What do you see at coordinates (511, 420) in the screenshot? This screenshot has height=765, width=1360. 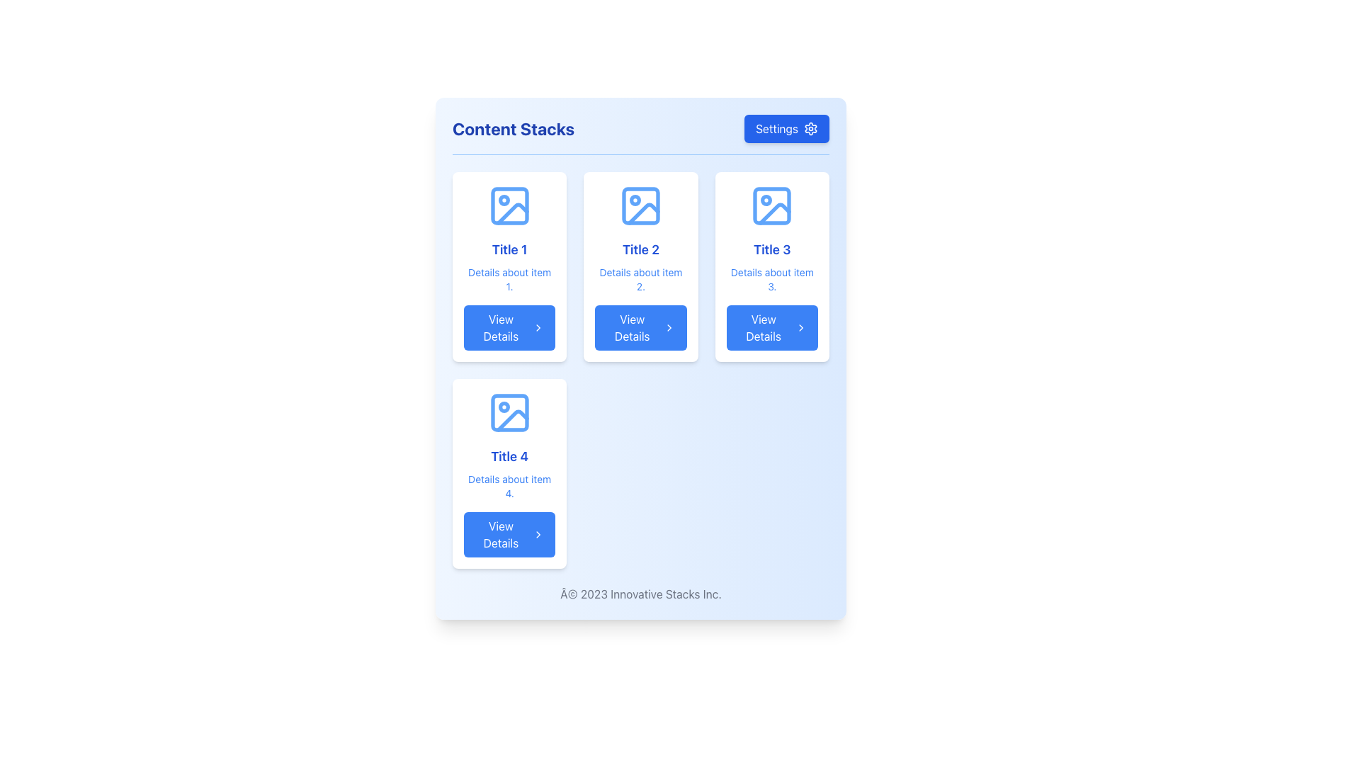 I see `the diagonal line in the bottom region of the photo representation within the fourth card of the grid layout` at bounding box center [511, 420].